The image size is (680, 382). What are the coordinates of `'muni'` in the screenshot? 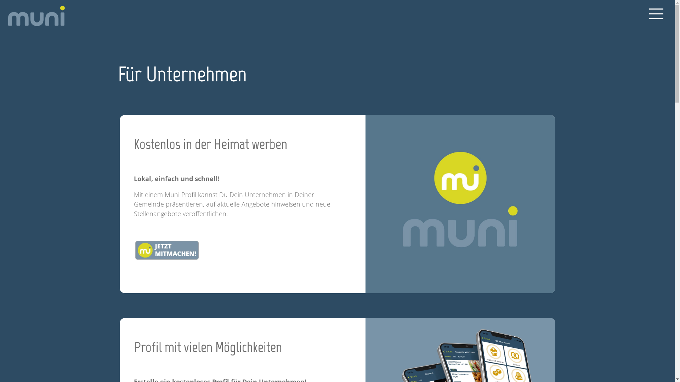 It's located at (8, 16).